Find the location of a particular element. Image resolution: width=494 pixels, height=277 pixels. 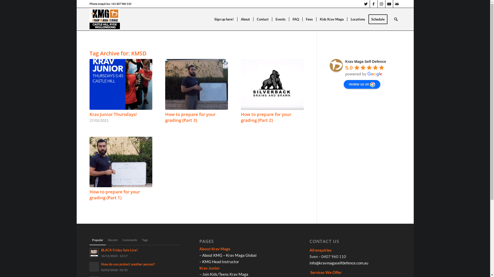

'About Krav Maga' is located at coordinates (215, 248).